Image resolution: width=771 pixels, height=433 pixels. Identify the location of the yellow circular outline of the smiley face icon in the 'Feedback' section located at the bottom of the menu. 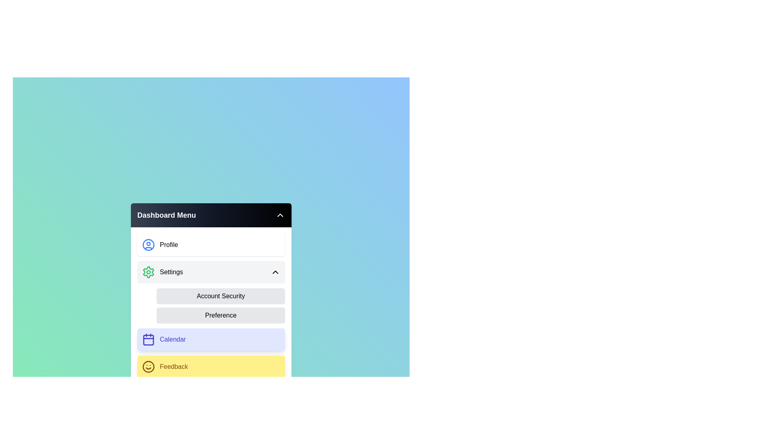
(148, 366).